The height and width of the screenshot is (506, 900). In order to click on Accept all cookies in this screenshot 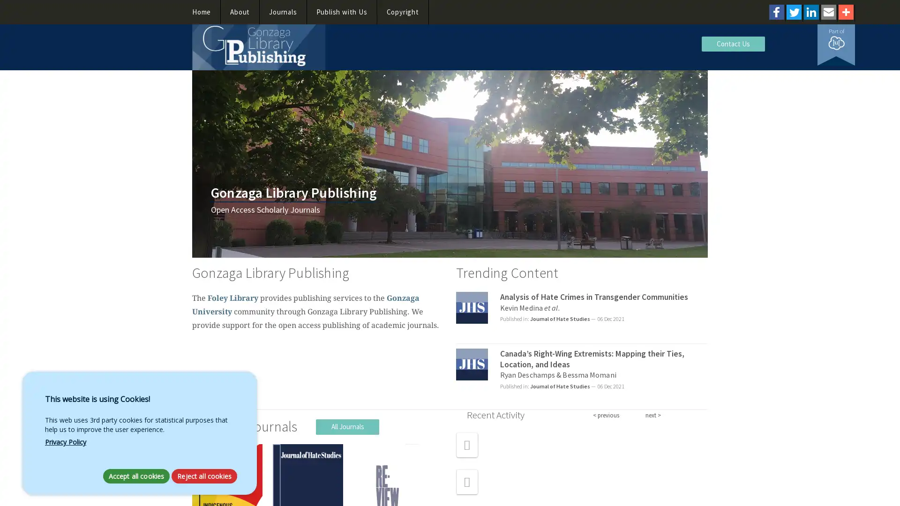, I will do `click(135, 476)`.